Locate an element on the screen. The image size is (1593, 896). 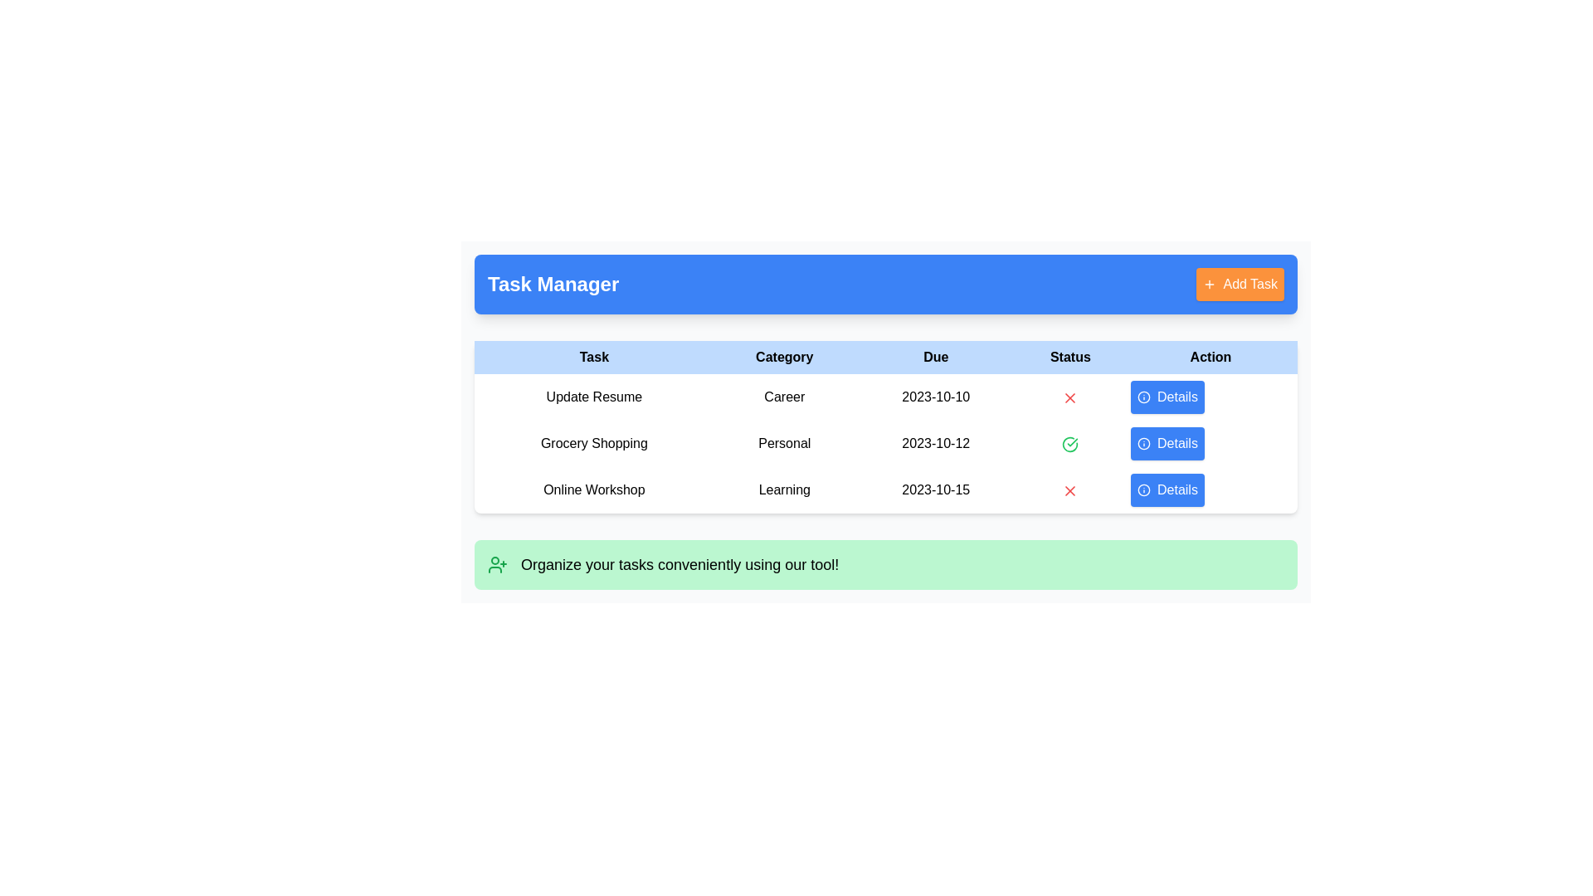
the third 'Details' button in the 'Action' column associated with the 'Online Workshop' is located at coordinates (1167, 397).